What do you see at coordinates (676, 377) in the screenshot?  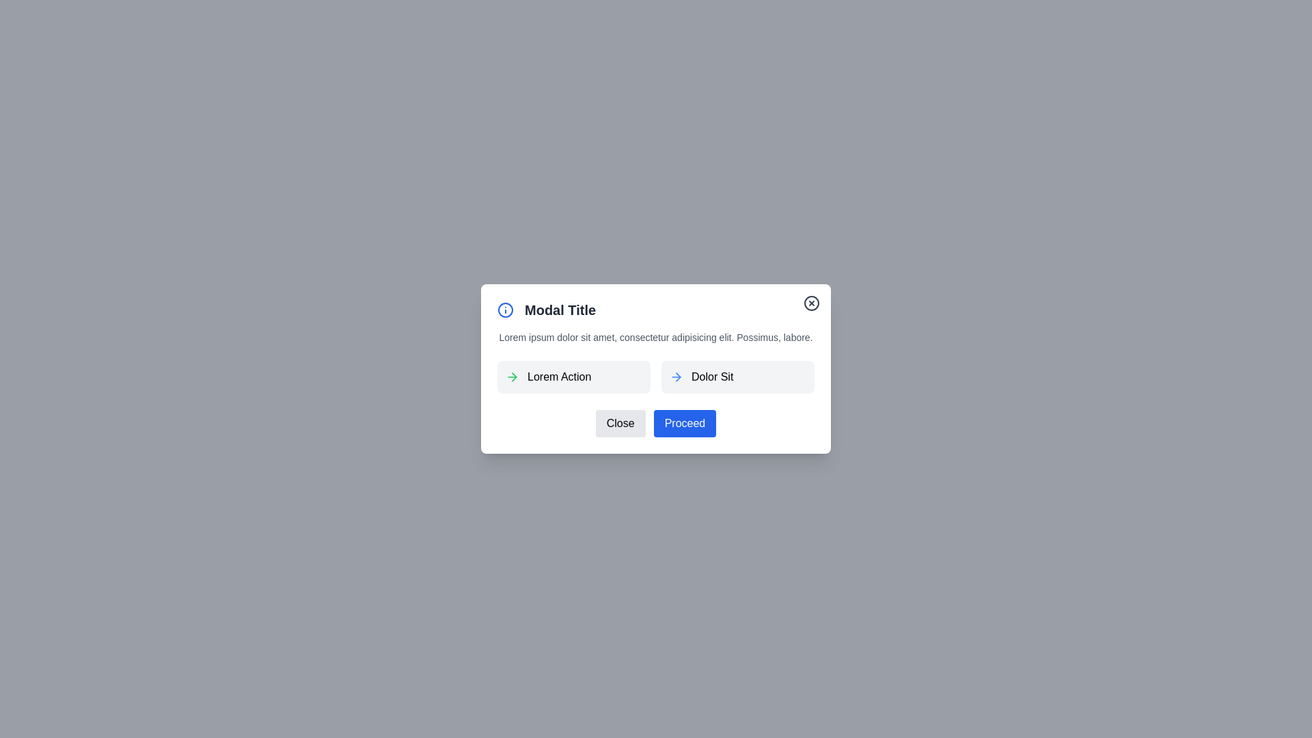 I see `the navigation icon located to the left of the 'Dolor Sit' button, which serves as a visual indicator for navigation or action` at bounding box center [676, 377].